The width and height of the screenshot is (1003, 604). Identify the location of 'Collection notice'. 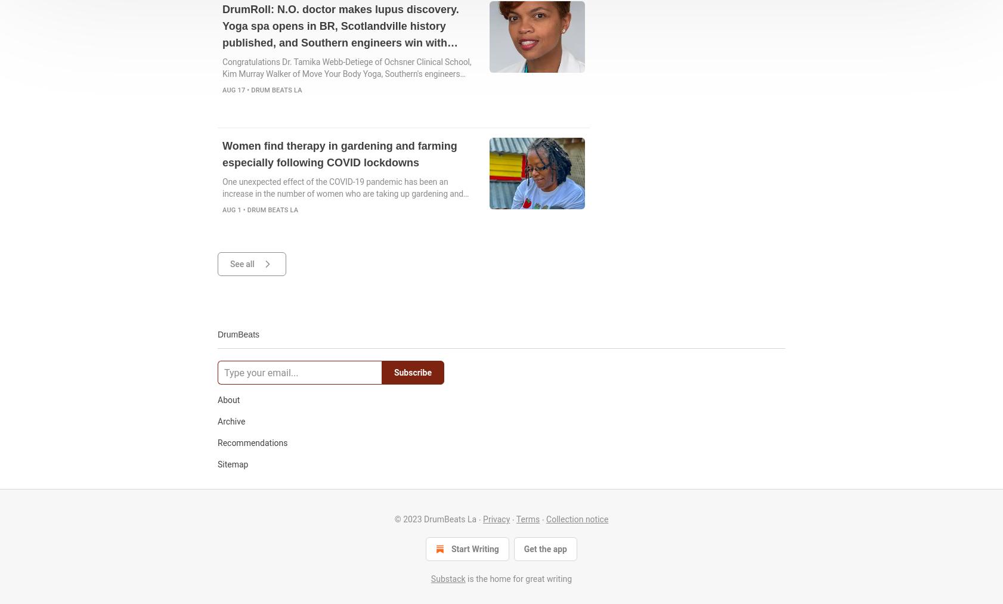
(576, 518).